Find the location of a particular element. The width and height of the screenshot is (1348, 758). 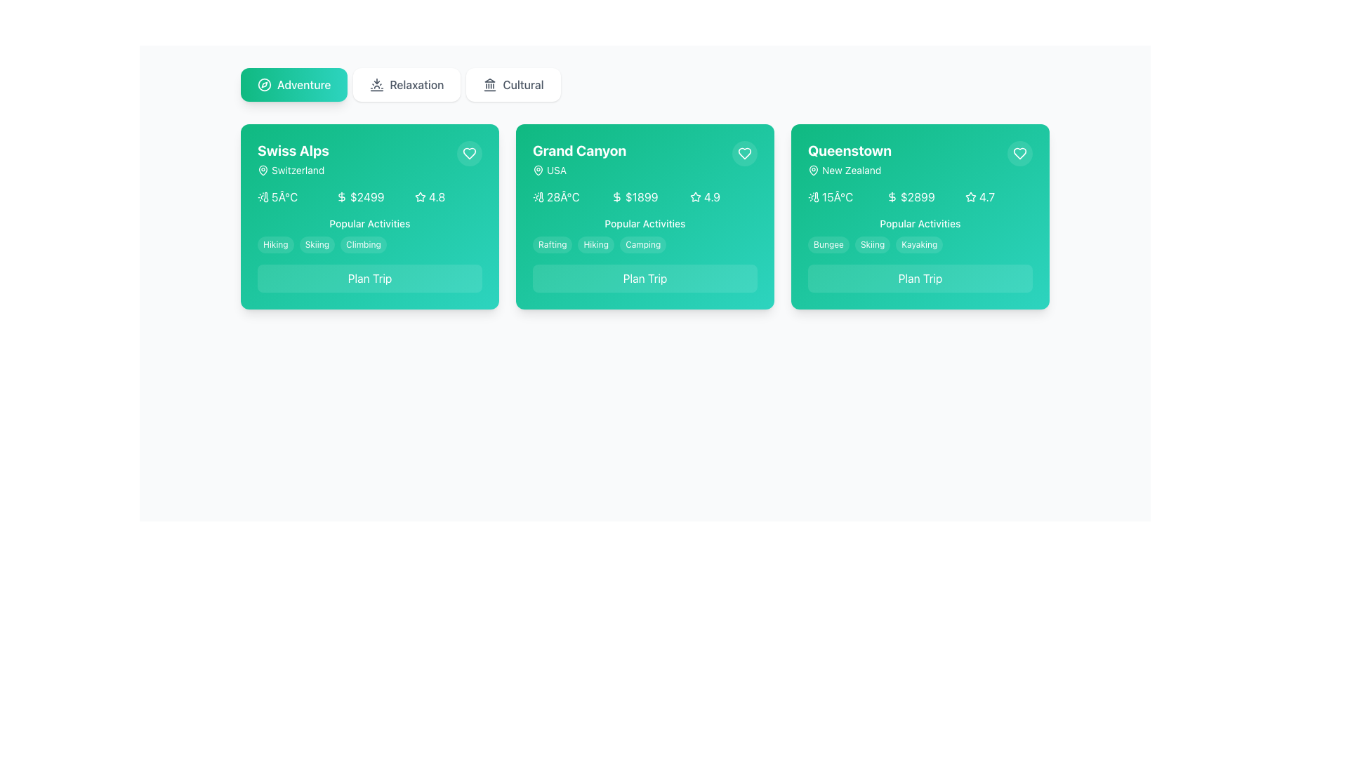

the heart icon in the top-right corner of the 'Queenstown' card to mark it as a favorite is located at coordinates (1020, 154).